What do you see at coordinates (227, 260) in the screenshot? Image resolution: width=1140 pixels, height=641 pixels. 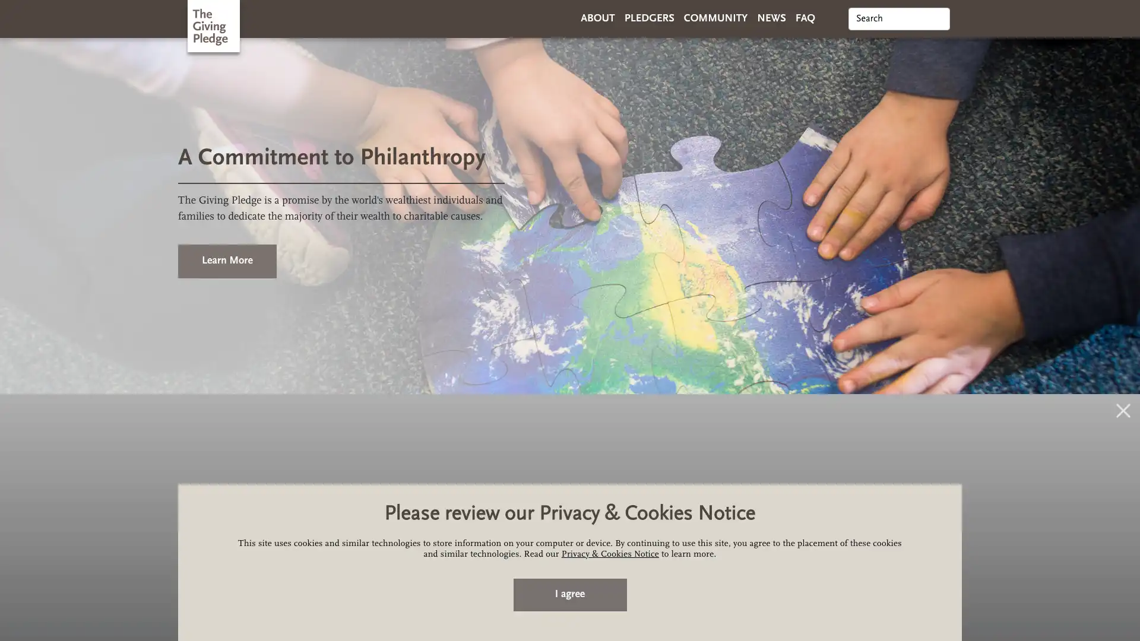 I see `Learn More` at bounding box center [227, 260].